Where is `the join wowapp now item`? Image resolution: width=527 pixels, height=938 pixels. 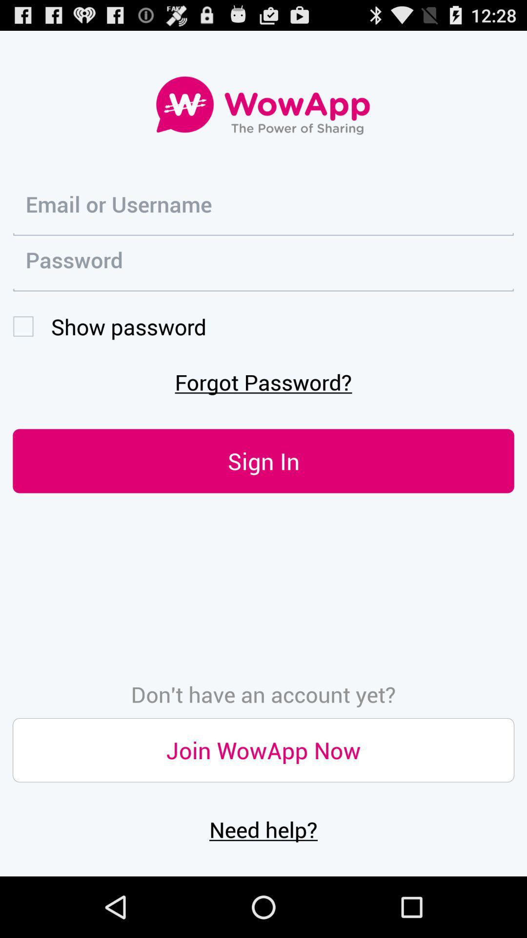 the join wowapp now item is located at coordinates (263, 749).